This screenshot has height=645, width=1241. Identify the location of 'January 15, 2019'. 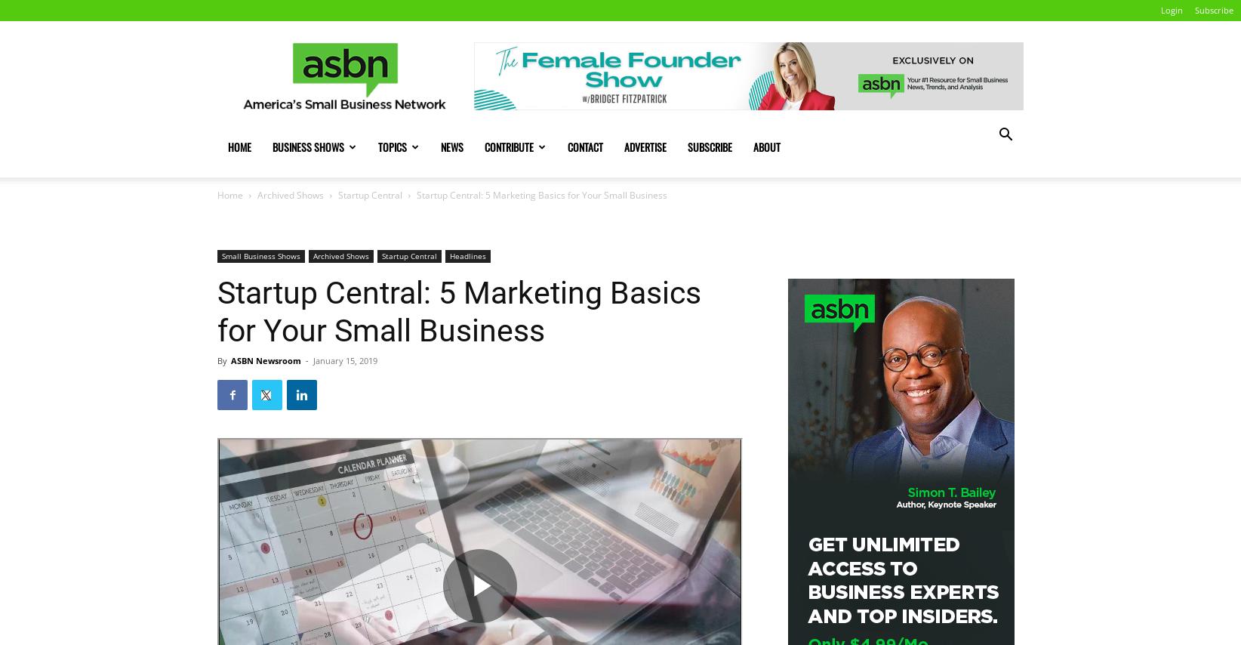
(345, 360).